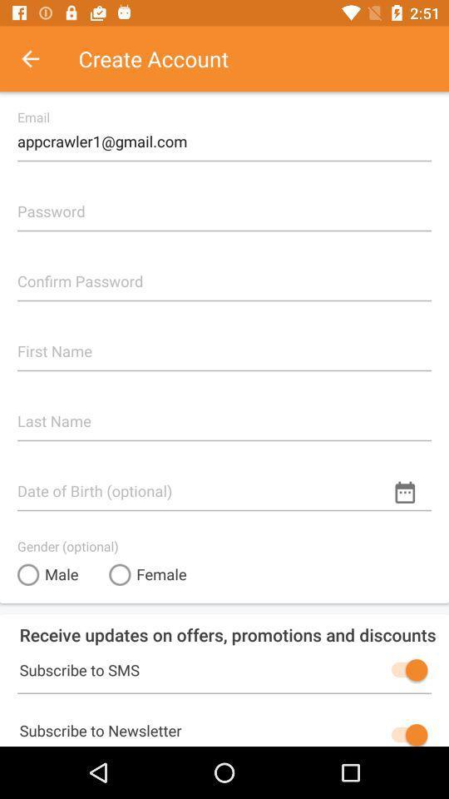  What do you see at coordinates (224, 414) in the screenshot?
I see `type your last name` at bounding box center [224, 414].